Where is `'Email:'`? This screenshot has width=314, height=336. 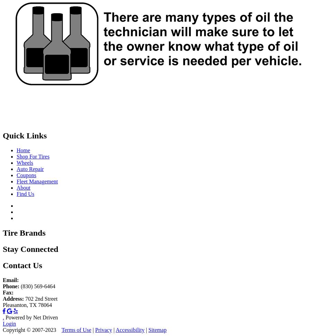 'Email:' is located at coordinates (10, 280).